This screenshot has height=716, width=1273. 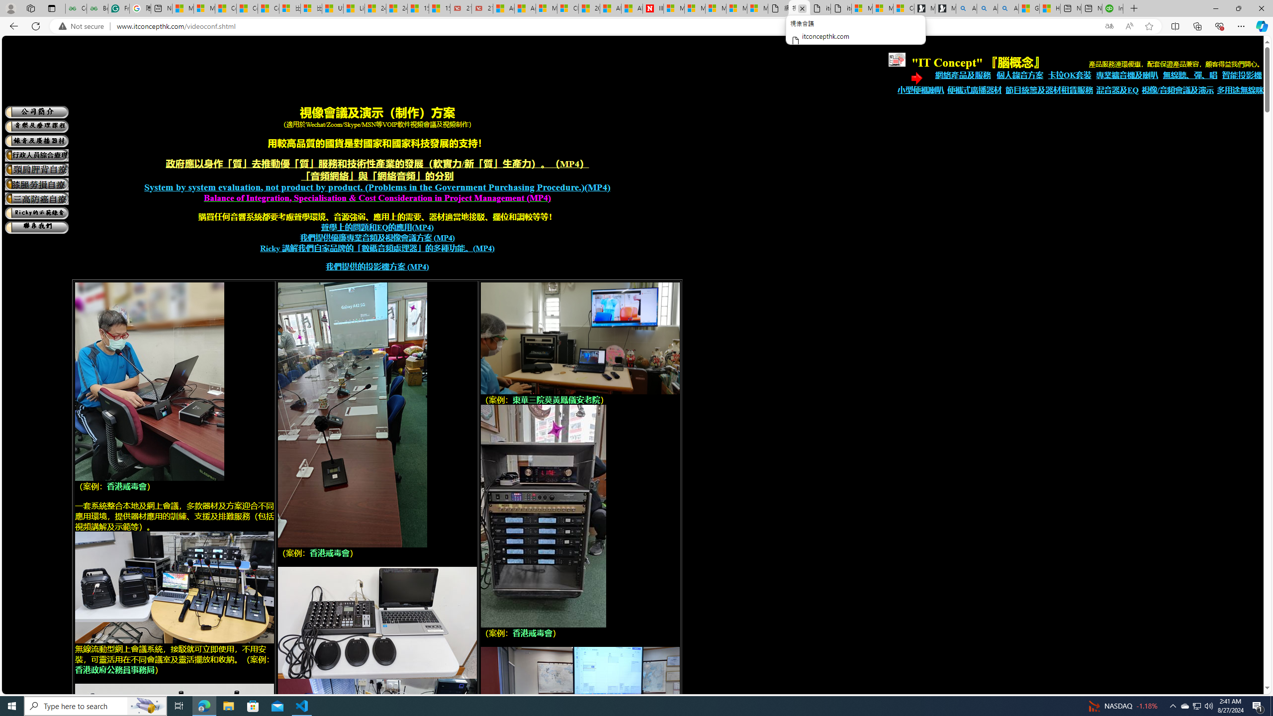 What do you see at coordinates (119, 8) in the screenshot?
I see `'Free AI Writing Assistance for Students | Grammarly'` at bounding box center [119, 8].